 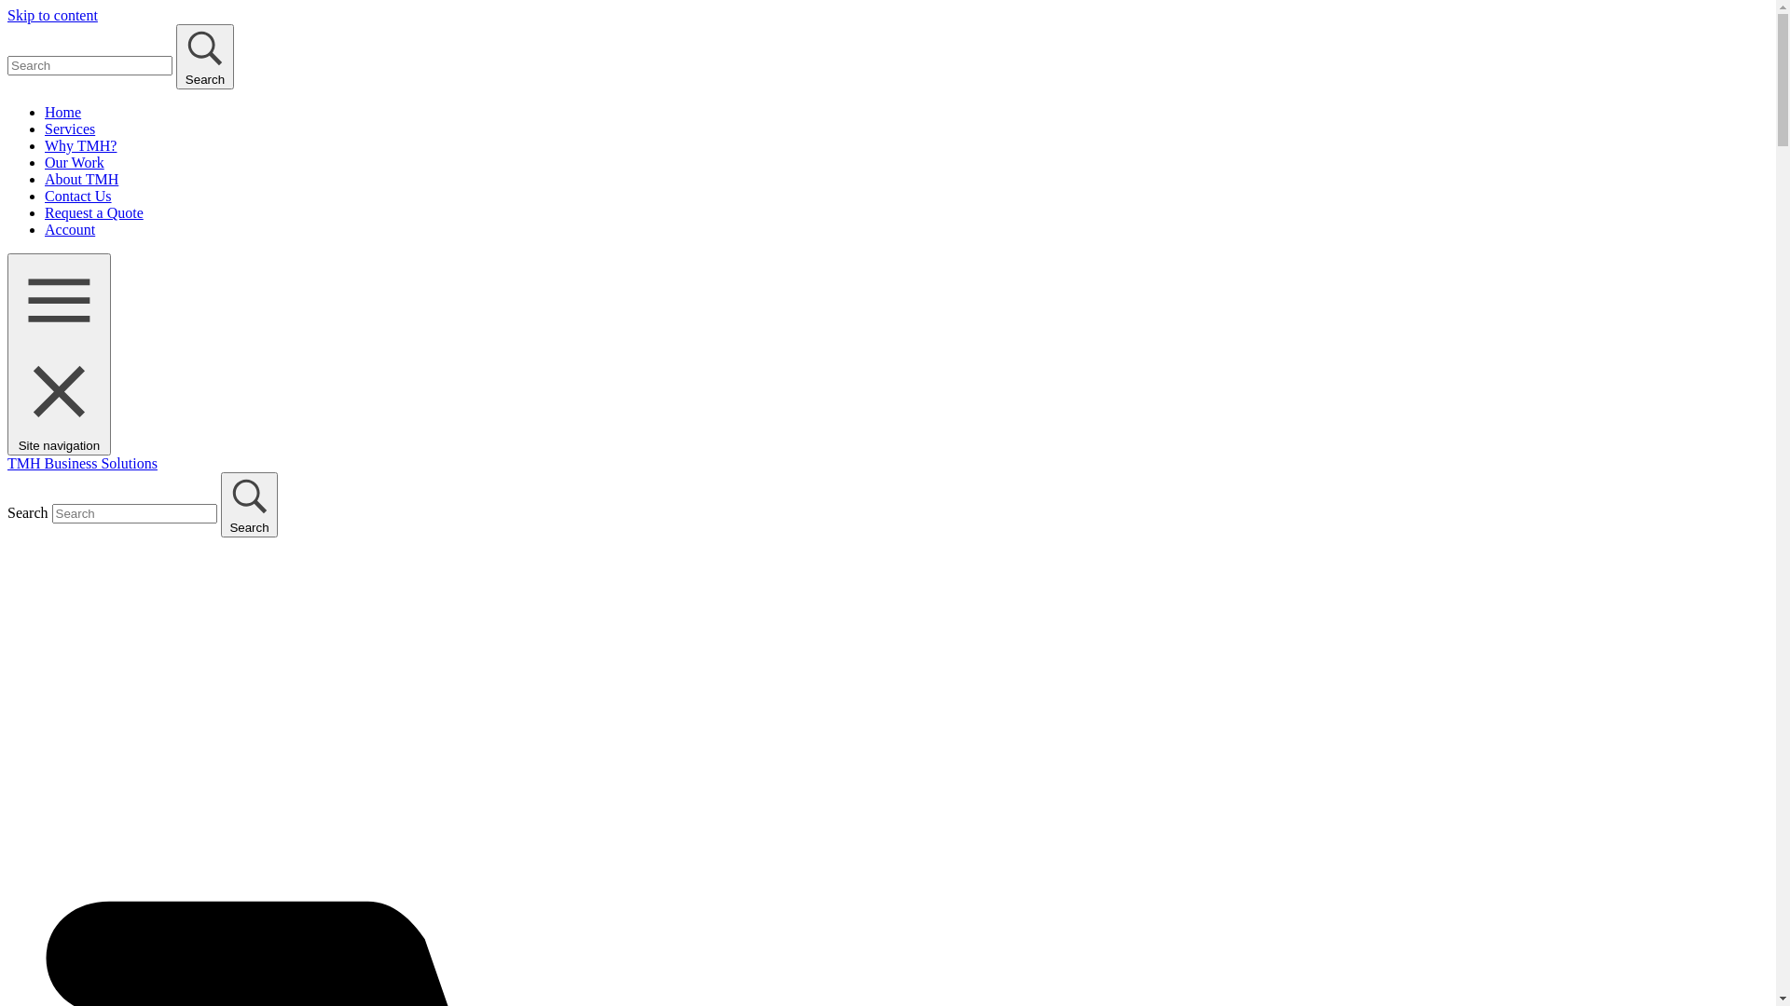 I want to click on 'Skip to content', so click(x=7, y=15).